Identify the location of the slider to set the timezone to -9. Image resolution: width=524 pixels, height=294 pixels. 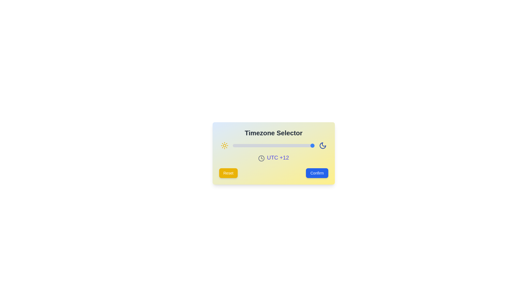
(242, 145).